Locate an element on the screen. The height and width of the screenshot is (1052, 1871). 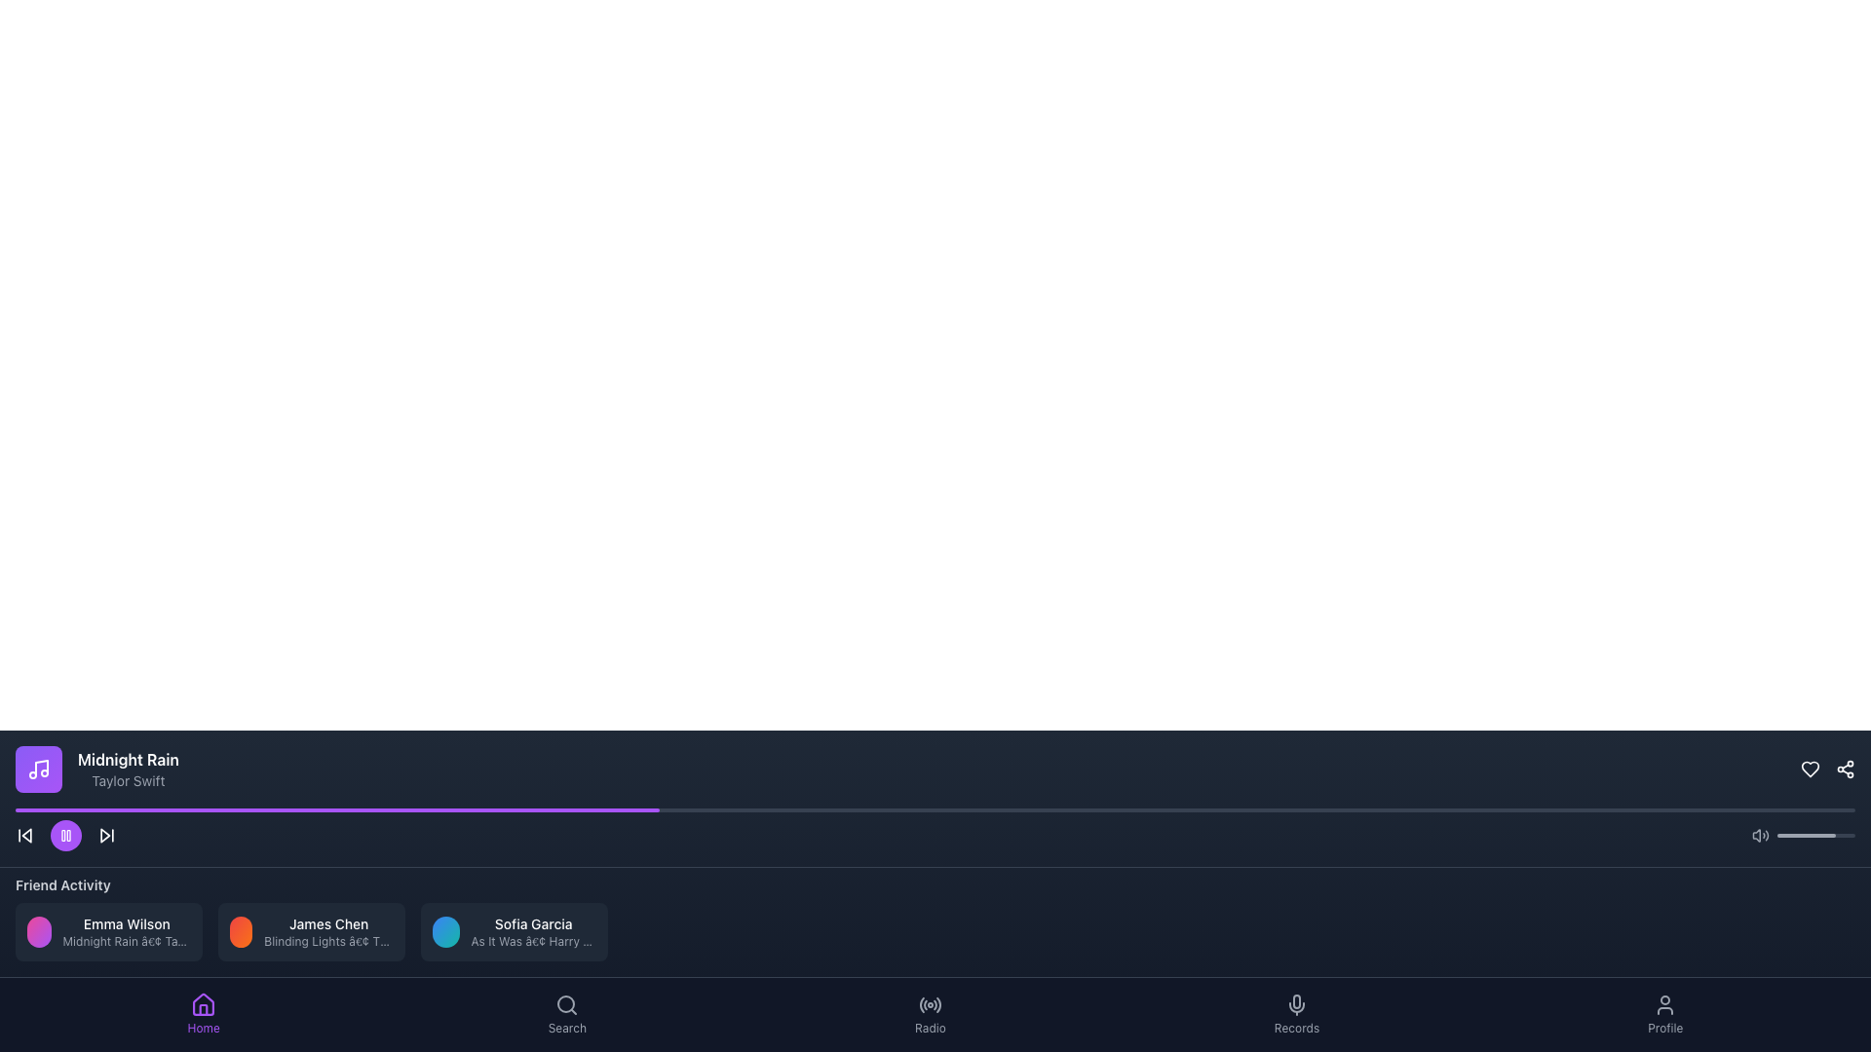
the displayed information of the Informational layout featuring the avatar and text for 'Sofia Garcia' and the song 'As It Was • Harry Styles' is located at coordinates (515, 930).